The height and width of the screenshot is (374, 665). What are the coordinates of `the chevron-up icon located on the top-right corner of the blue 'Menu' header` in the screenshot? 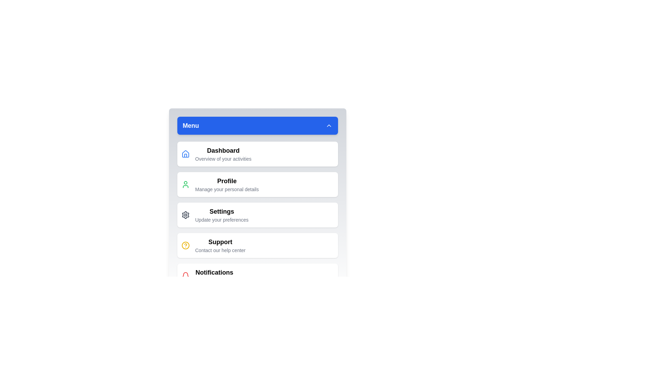 It's located at (328, 125).